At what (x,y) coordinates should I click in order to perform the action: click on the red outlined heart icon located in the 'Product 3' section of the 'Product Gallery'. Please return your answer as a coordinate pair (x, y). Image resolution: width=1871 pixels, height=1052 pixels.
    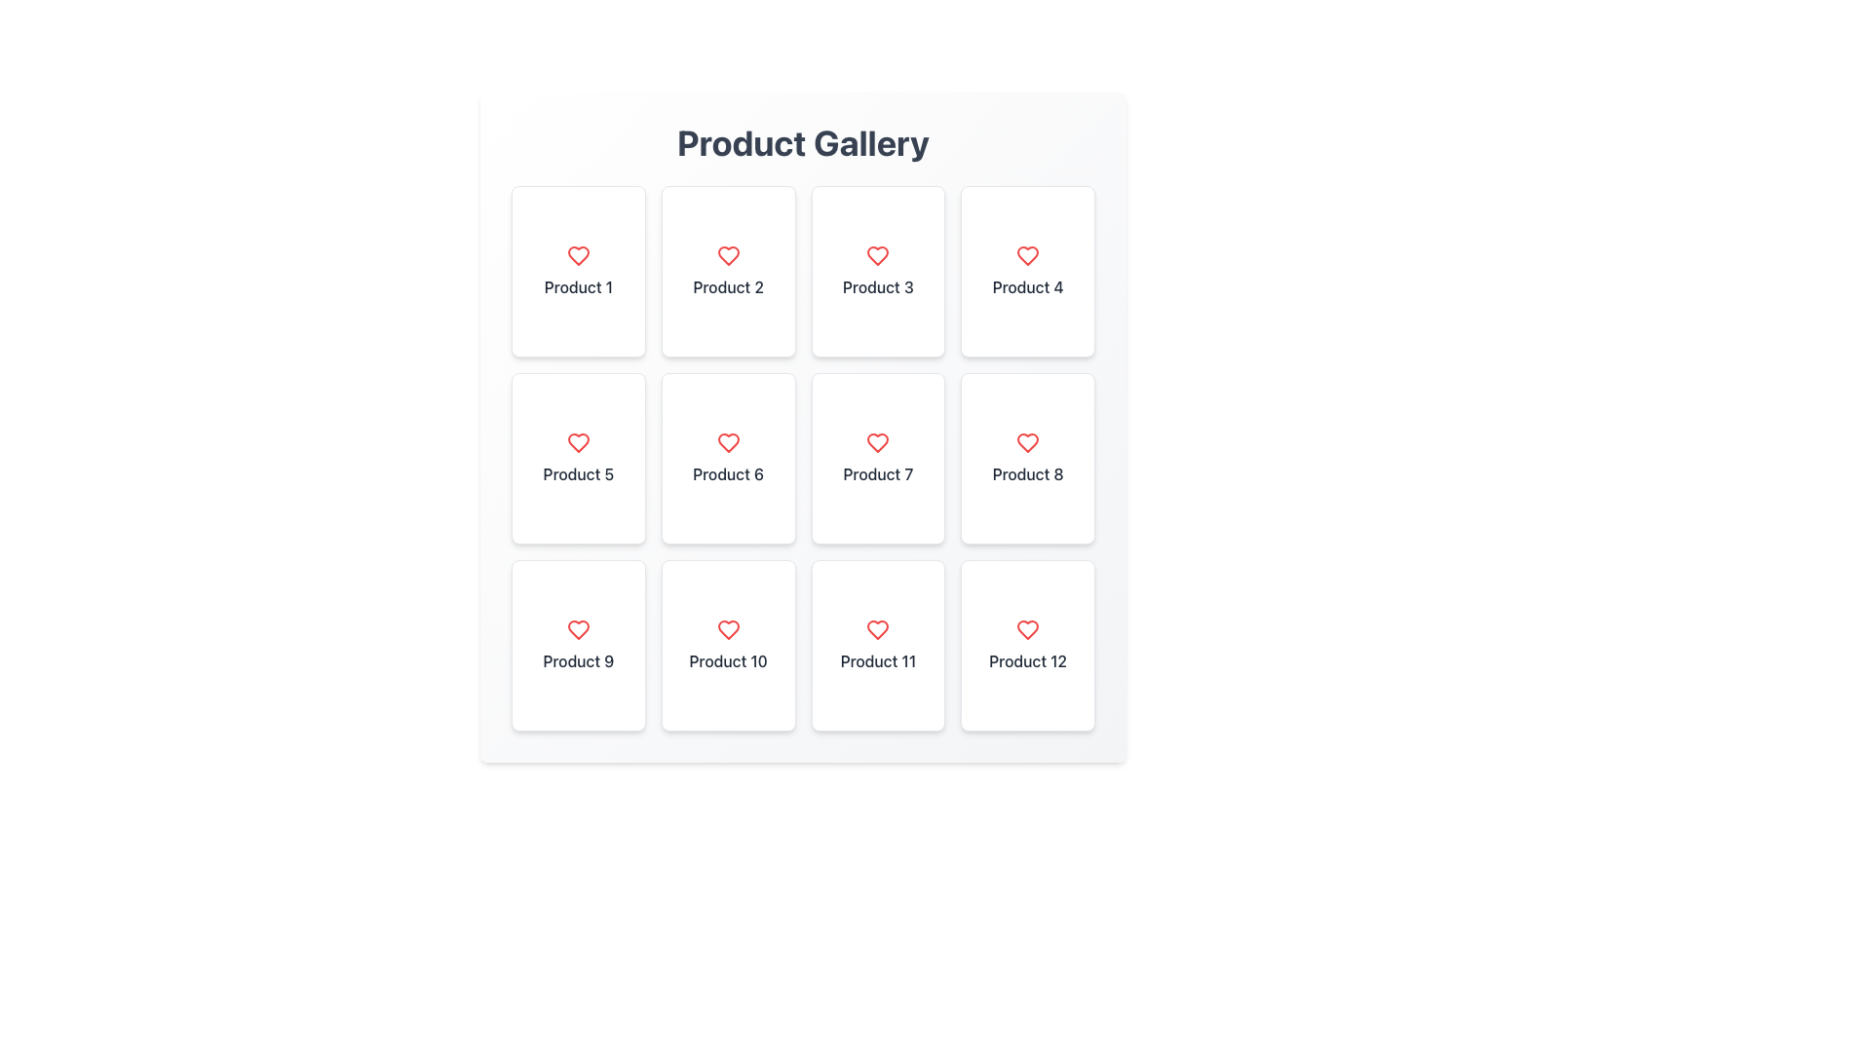
    Looking at the image, I should click on (877, 254).